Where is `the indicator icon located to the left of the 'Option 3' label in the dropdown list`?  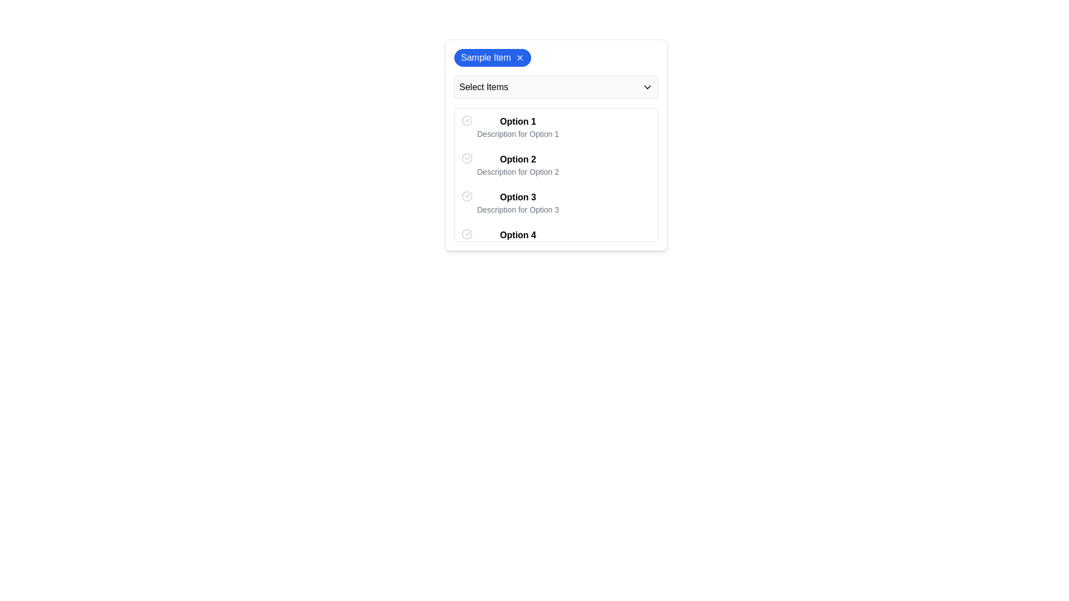
the indicator icon located to the left of the 'Option 3' label in the dropdown list is located at coordinates (467, 196).